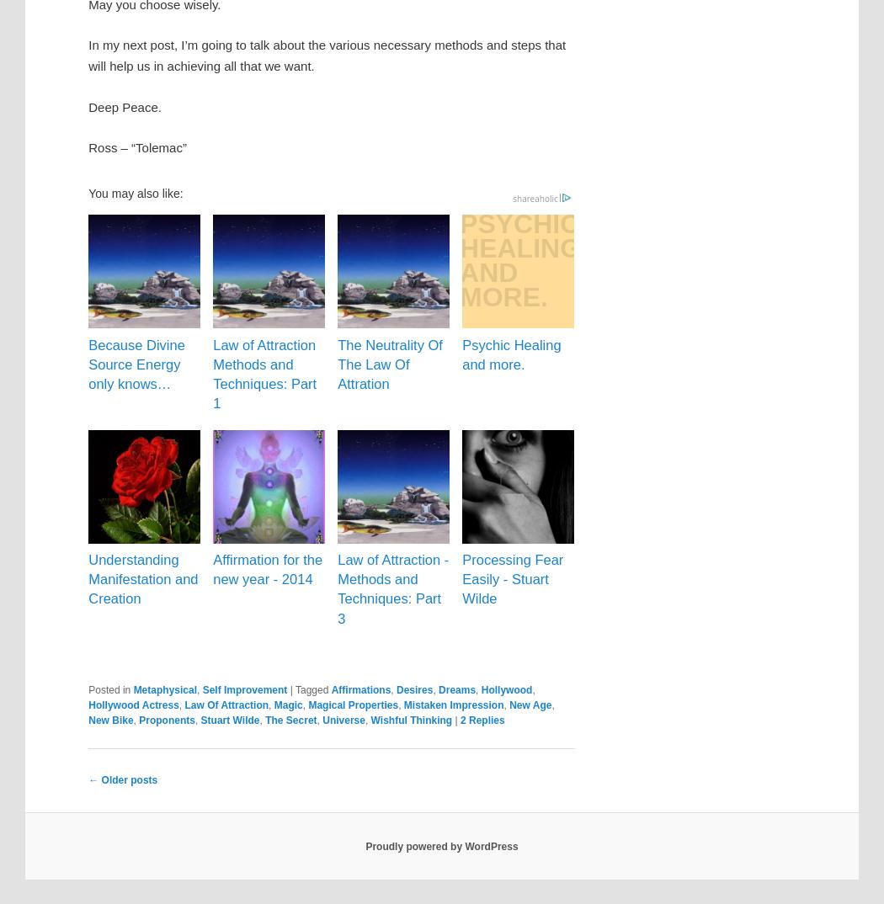 Image resolution: width=884 pixels, height=904 pixels. What do you see at coordinates (264, 372) in the screenshot?
I see `'Law of Attraction Methods and Techniques: Part 1'` at bounding box center [264, 372].